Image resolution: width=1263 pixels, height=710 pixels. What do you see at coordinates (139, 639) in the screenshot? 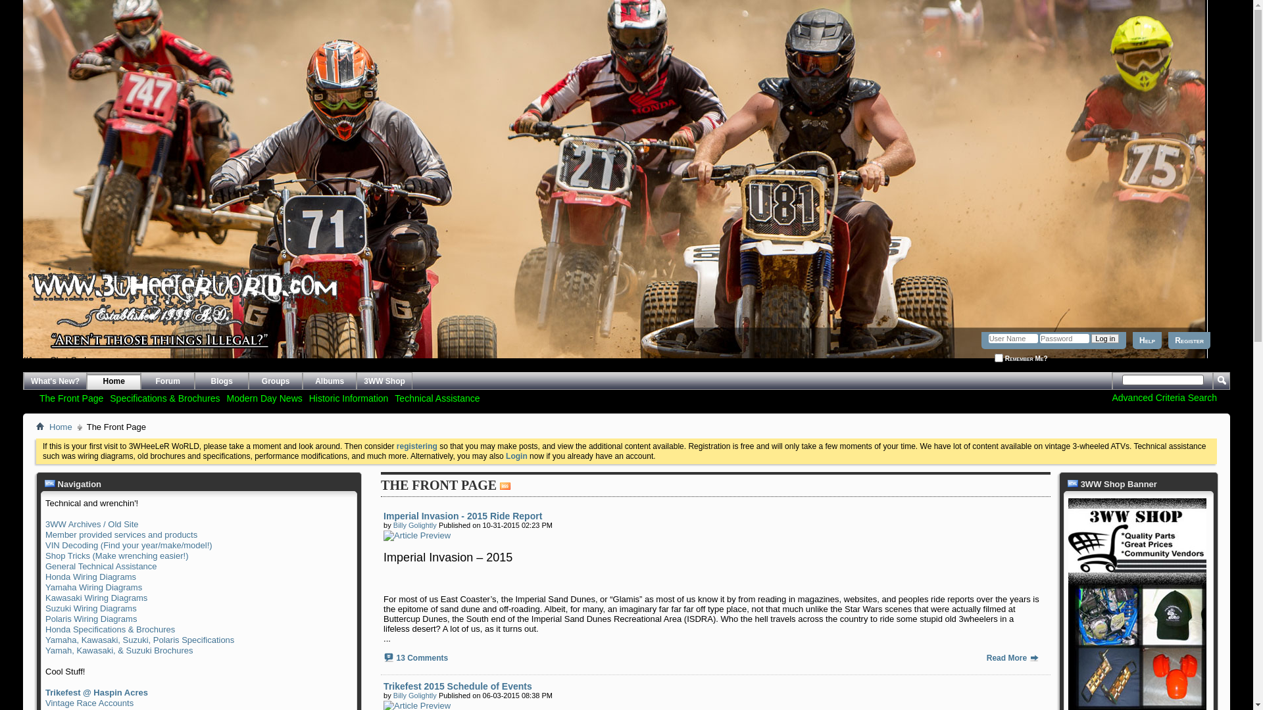
I see `'Yamaha, Kawasaki, Suzuki, Polaris Specifications'` at bounding box center [139, 639].